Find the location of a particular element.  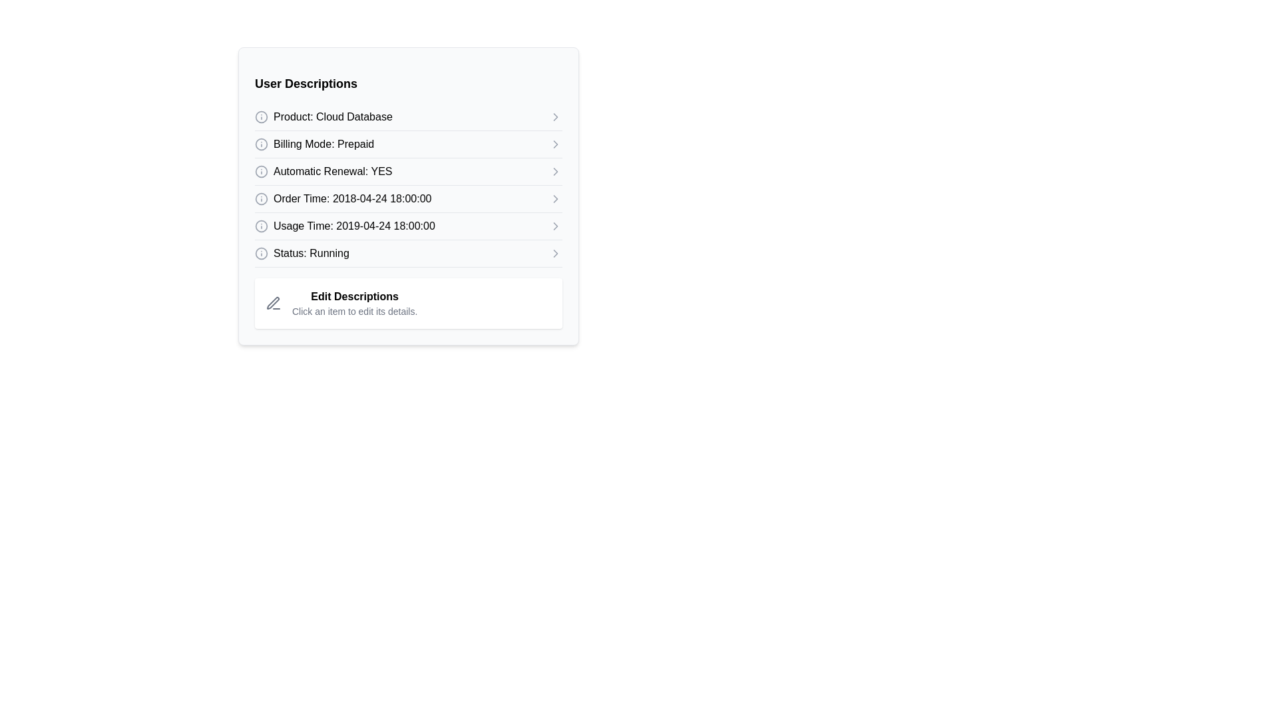

the circular icon with a gray border located to the left of the text 'Product: Cloud Database' in the first row of the list within the 'User Descriptions' section is located at coordinates (262, 117).